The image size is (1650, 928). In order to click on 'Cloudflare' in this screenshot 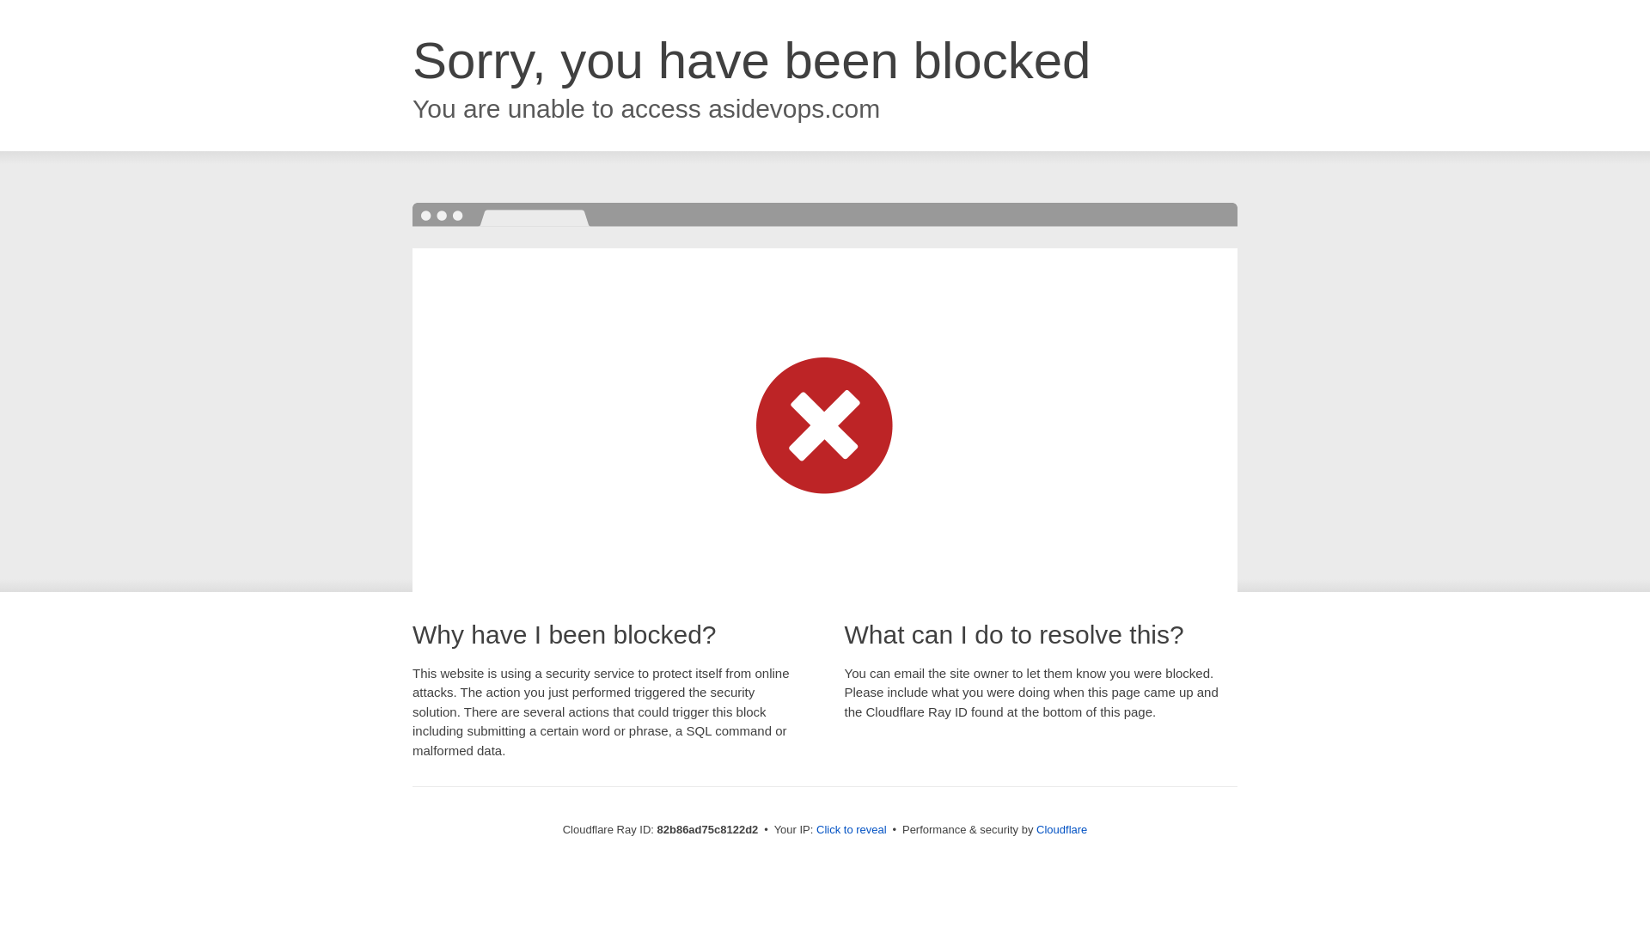, I will do `click(1060, 828)`.